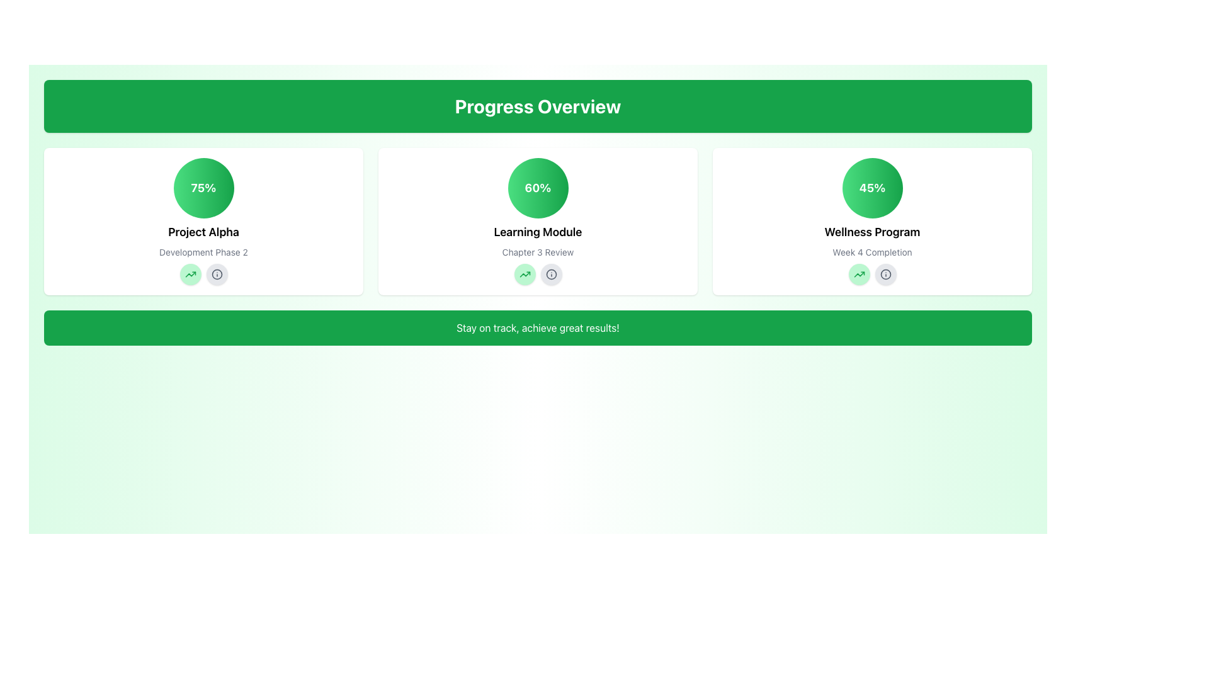 This screenshot has height=680, width=1209. What do you see at coordinates (525, 273) in the screenshot?
I see `the arrow icon button located below the 'Learning Module' card in the 'Progress Overview' section` at bounding box center [525, 273].